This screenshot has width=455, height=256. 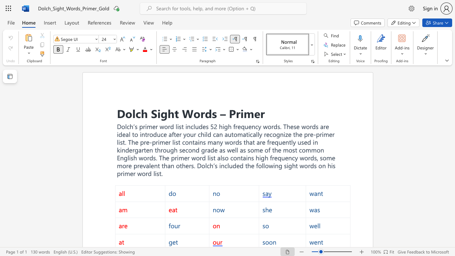 What do you see at coordinates (304, 134) in the screenshot?
I see `the subset text "pre-primer list. The pre-primer list" within the text "Dolch’s primer word list includes 52 high frequency words. These words are ideal to introduce after your child can automatically recognize the pre-primer list. The pre-primer list"` at bounding box center [304, 134].